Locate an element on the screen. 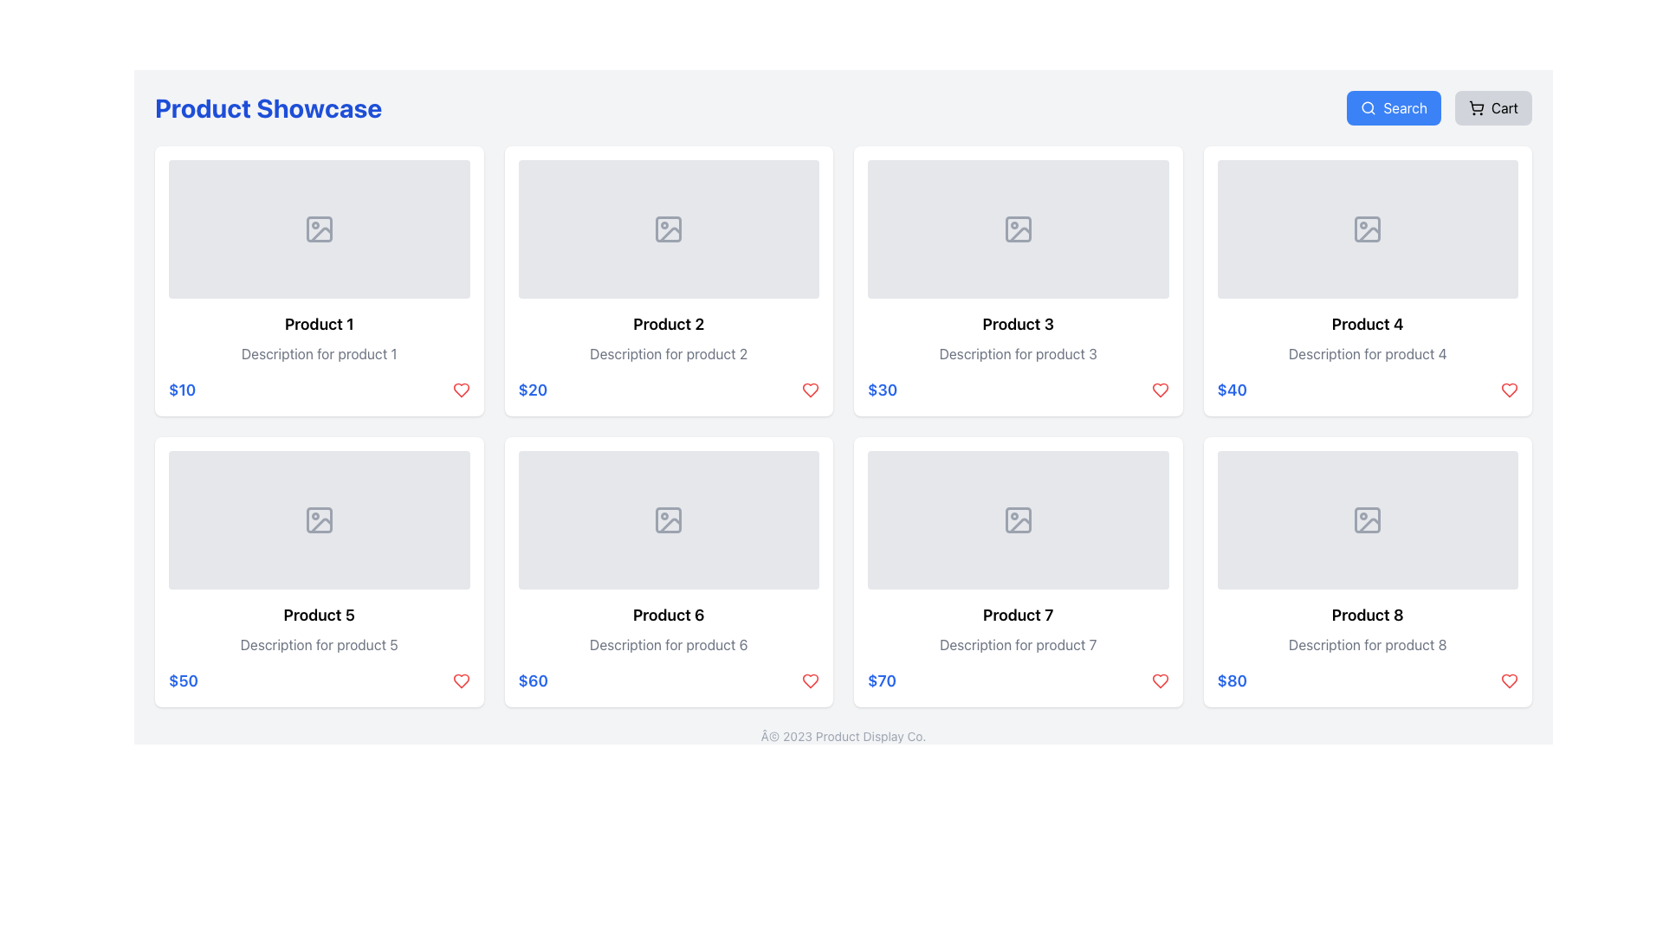 The image size is (1663, 935). price displayed in the bold blue font text label showing '$40', located below the 'Product 4' title in the grid layout is located at coordinates (1231, 390).